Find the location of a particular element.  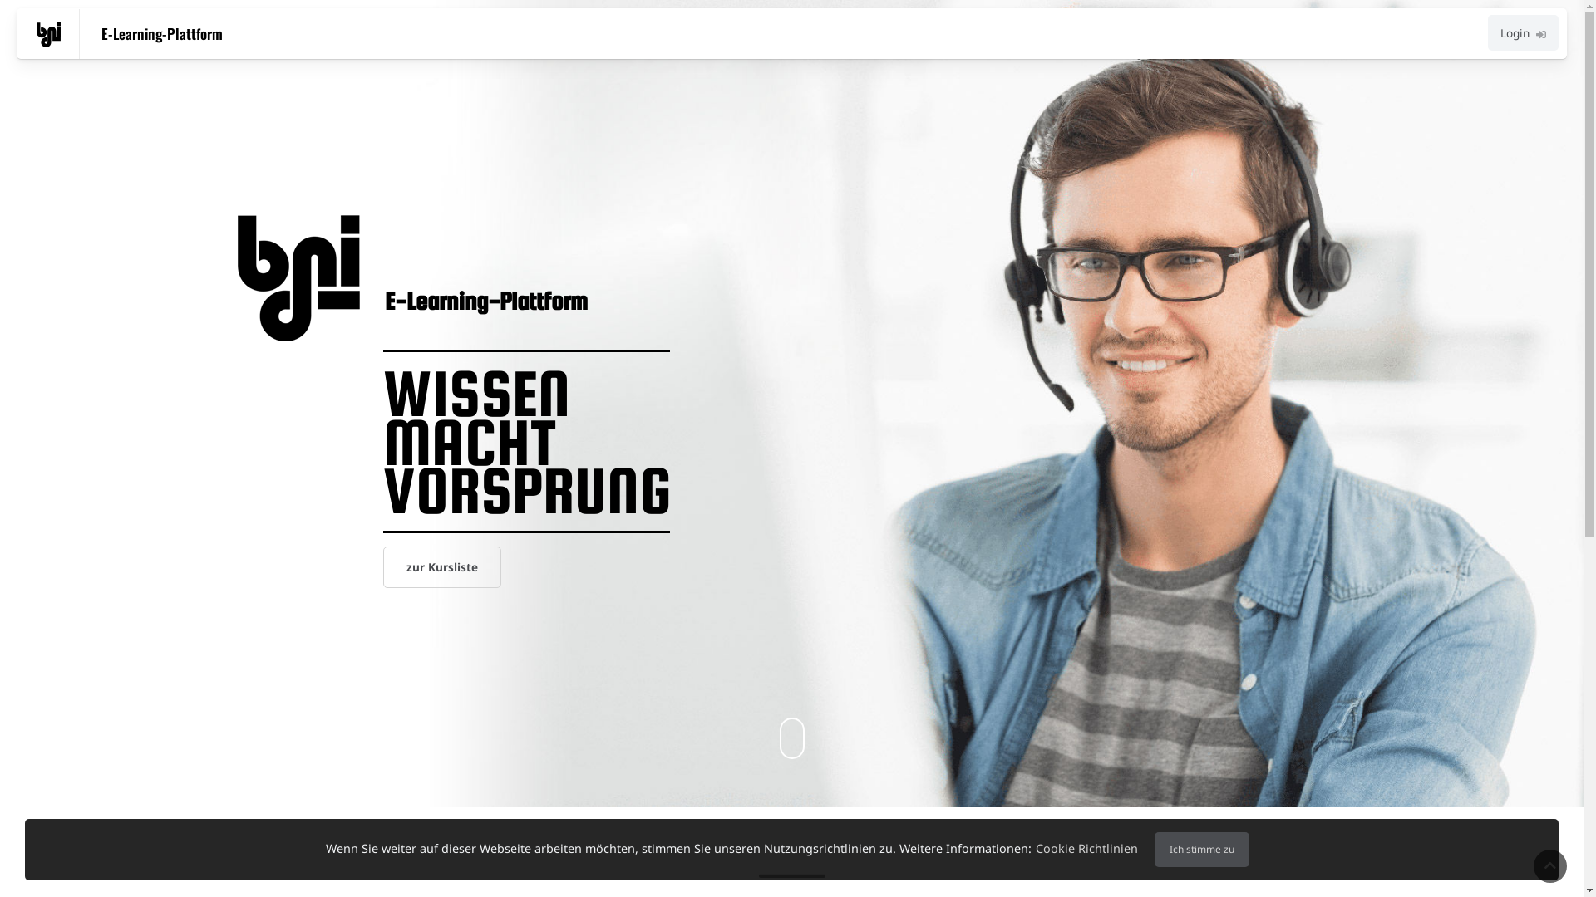

'BDNI E-Learning' is located at coordinates (48, 35).